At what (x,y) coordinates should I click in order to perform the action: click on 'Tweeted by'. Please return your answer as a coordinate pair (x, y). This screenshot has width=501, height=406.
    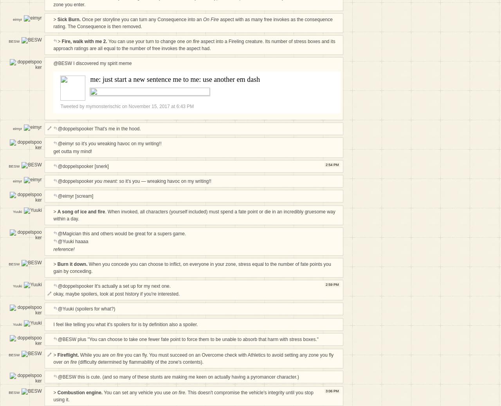
    Looking at the image, I should click on (73, 105).